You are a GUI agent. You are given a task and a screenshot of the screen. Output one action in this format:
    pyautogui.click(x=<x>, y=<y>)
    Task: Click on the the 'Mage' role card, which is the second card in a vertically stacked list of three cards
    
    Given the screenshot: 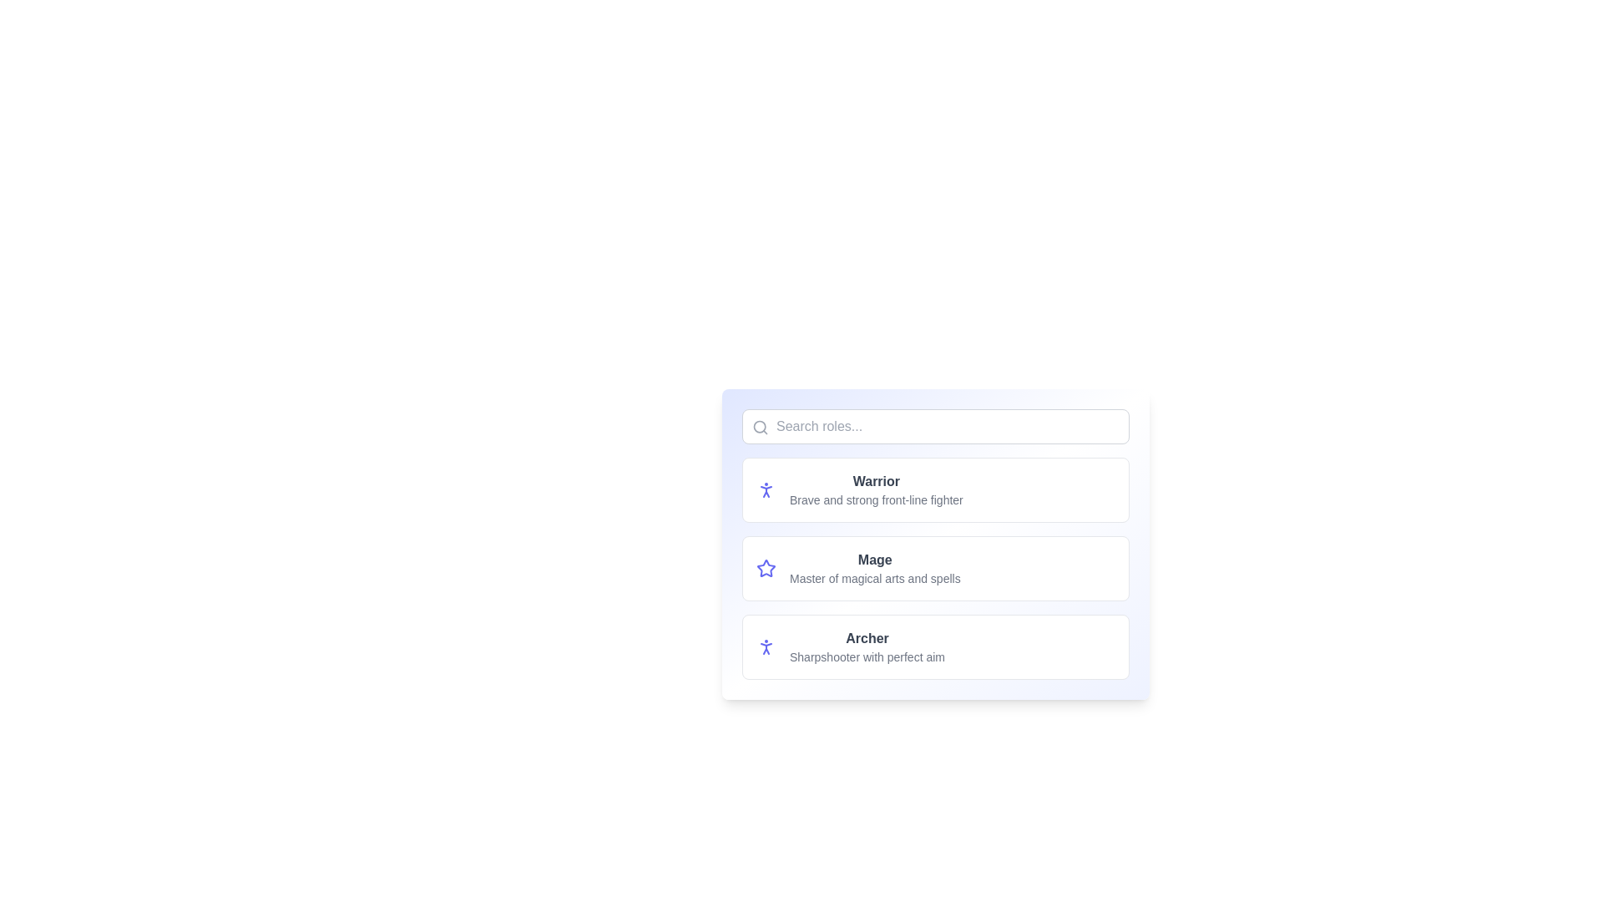 What is the action you would take?
    pyautogui.click(x=936, y=568)
    